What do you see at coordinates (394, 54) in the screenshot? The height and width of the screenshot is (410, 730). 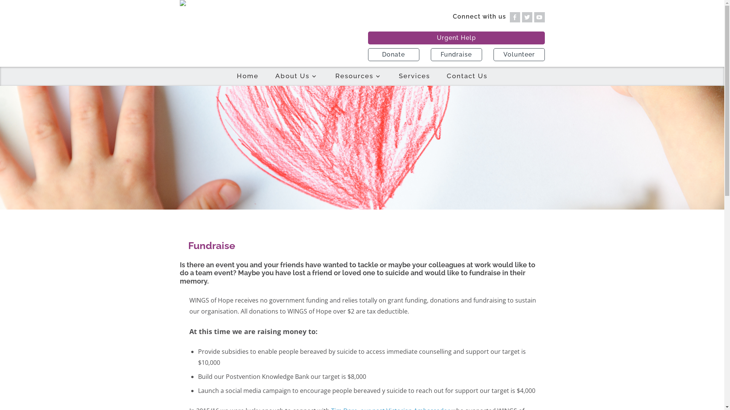 I see `'Donate'` at bounding box center [394, 54].